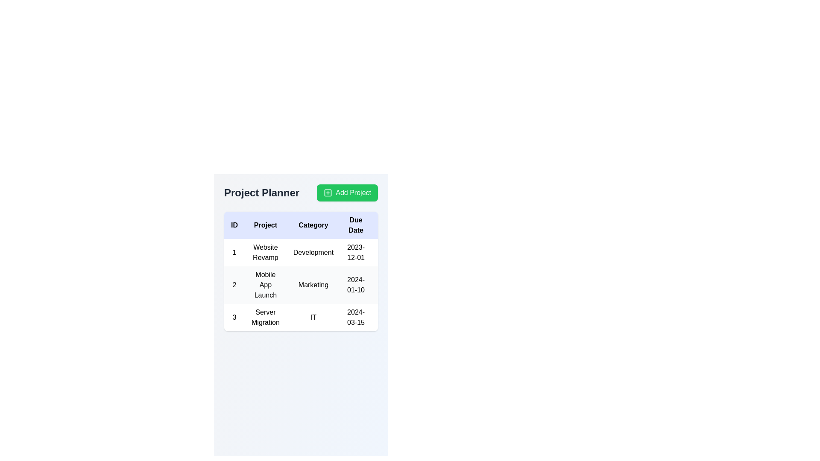 The height and width of the screenshot is (461, 820). What do you see at coordinates (234, 252) in the screenshot?
I see `the text label displaying the number '1' located in the 'ID' column of the first row of the table by moving the cursor to its center` at bounding box center [234, 252].